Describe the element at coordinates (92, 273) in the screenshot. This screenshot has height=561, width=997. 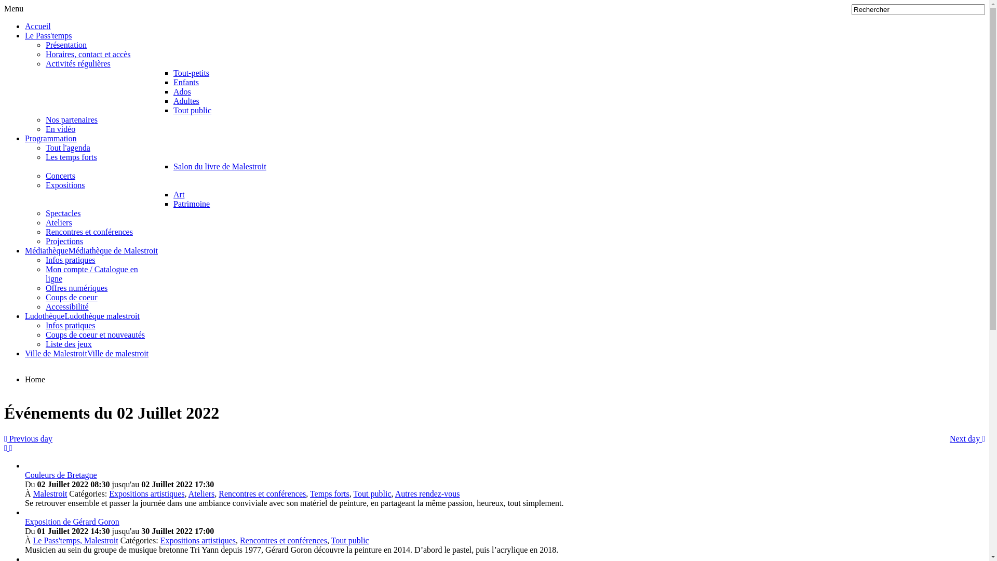
I see `'Mon compte / Catalogue en ligne'` at that location.